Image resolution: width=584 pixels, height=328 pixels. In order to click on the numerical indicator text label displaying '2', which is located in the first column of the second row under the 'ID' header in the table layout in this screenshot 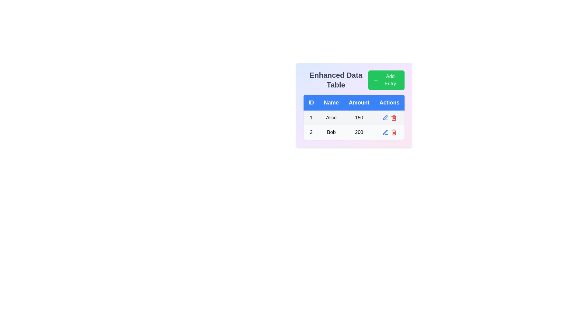, I will do `click(311, 132)`.